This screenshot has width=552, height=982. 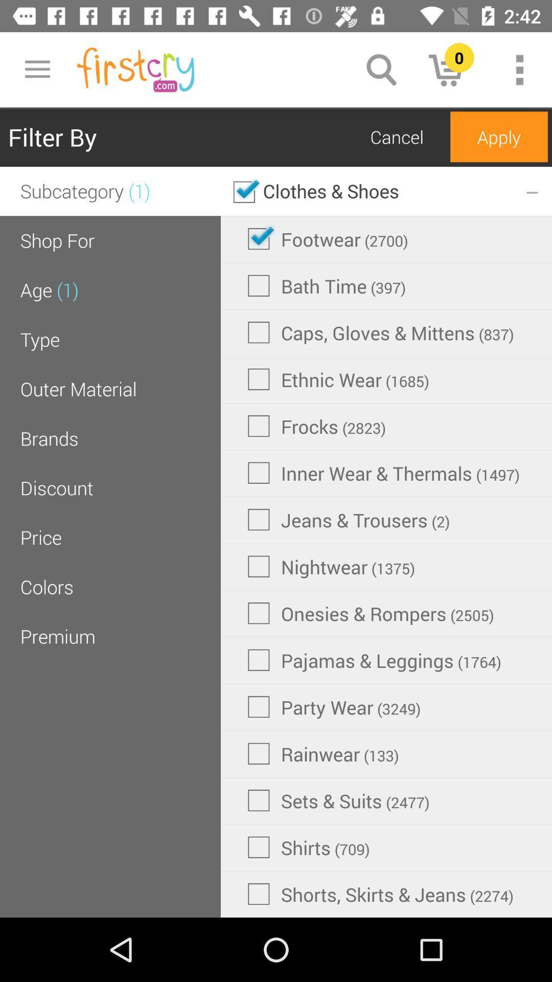 I want to click on the item to the left of the inner wear thermals icon, so click(x=57, y=487).